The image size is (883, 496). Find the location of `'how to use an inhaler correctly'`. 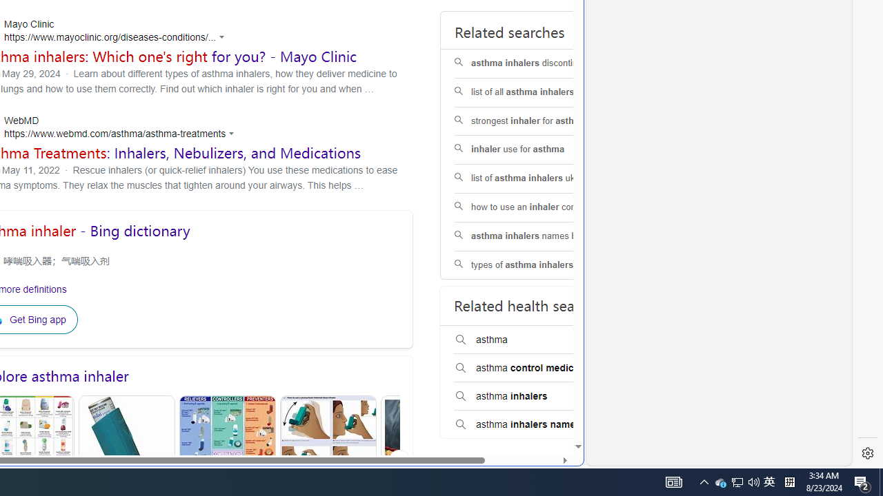

'how to use an inhaler correctly' is located at coordinates (541, 207).